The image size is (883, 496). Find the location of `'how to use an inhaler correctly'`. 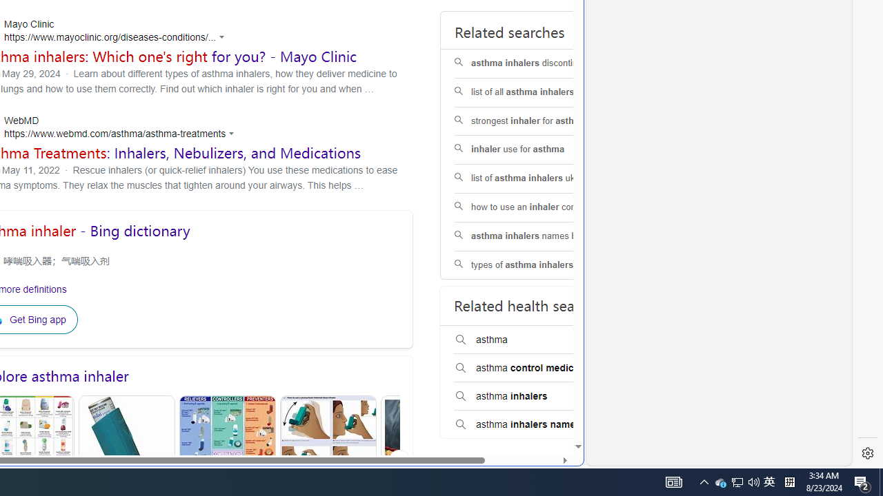

'how to use an inhaler correctly' is located at coordinates (541, 207).